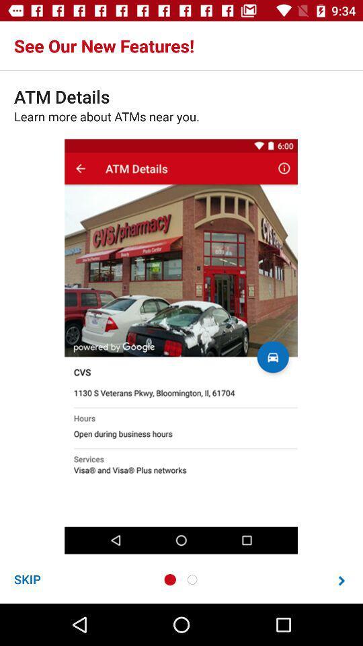  I want to click on the skip at the bottom left corner, so click(27, 579).